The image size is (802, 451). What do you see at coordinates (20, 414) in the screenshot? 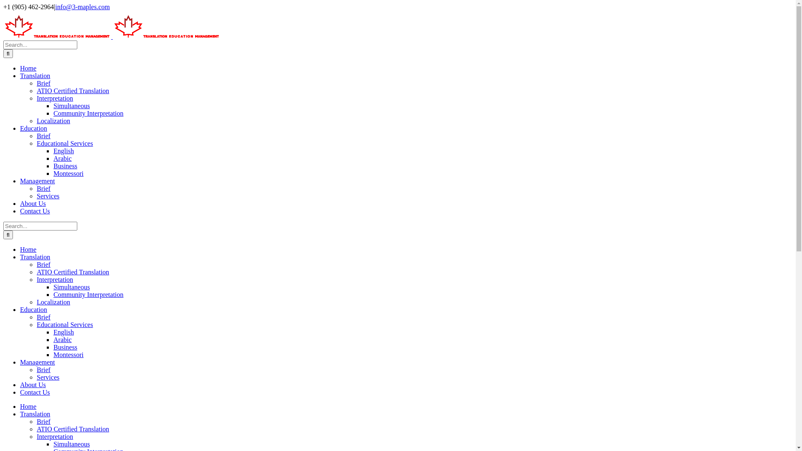
I see `'Translation'` at bounding box center [20, 414].